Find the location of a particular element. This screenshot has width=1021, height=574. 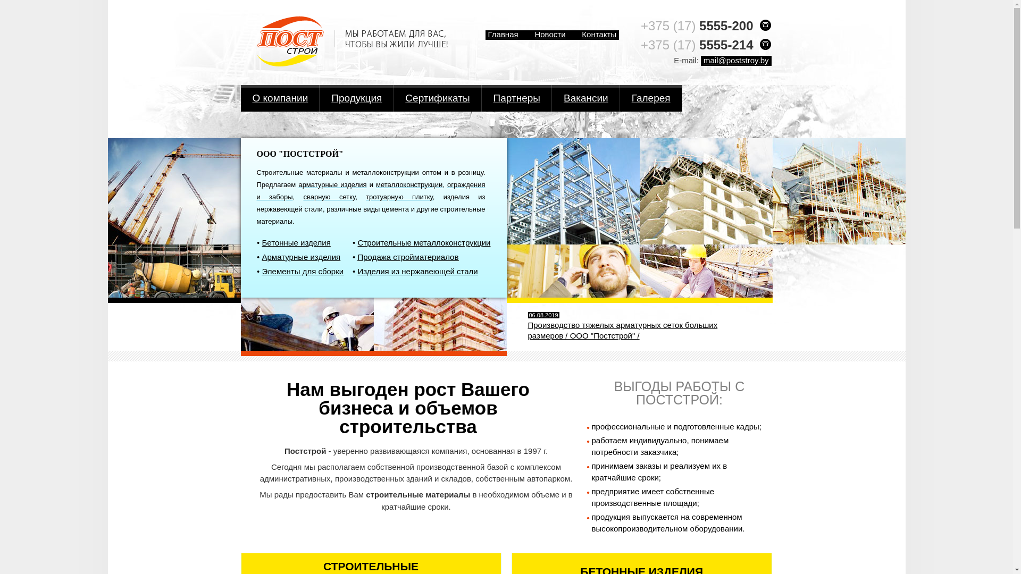

'mail@poststroy.by' is located at coordinates (735, 61).